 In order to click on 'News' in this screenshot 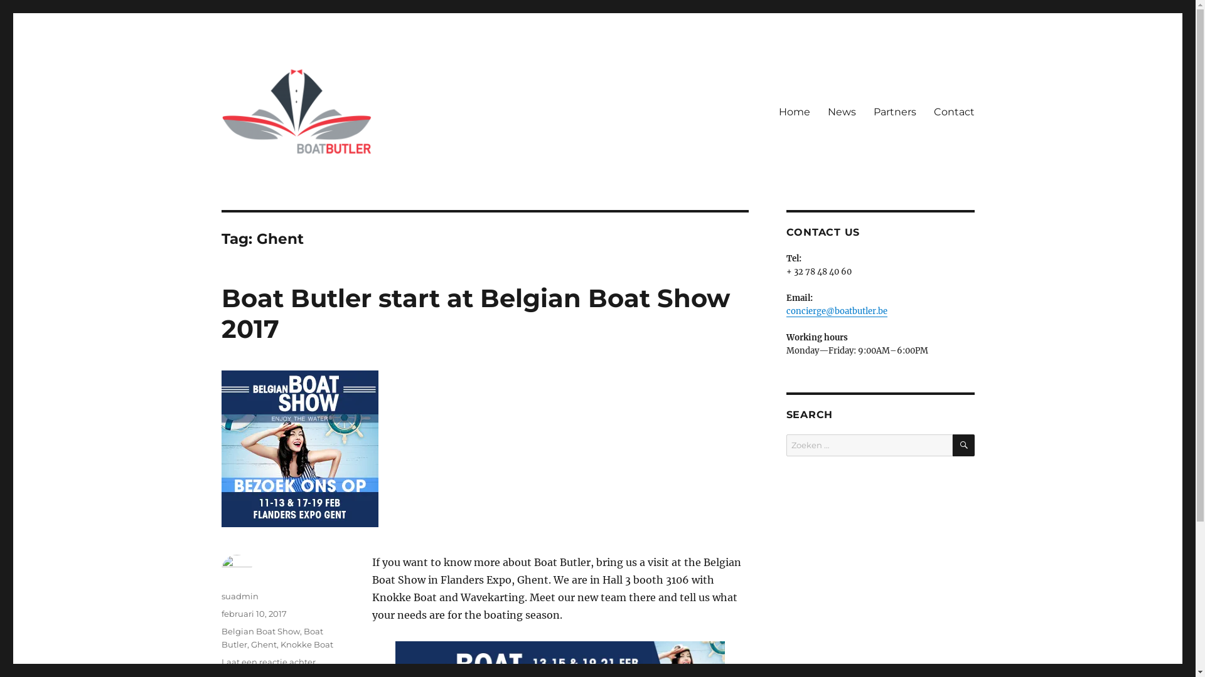, I will do `click(841, 110)`.